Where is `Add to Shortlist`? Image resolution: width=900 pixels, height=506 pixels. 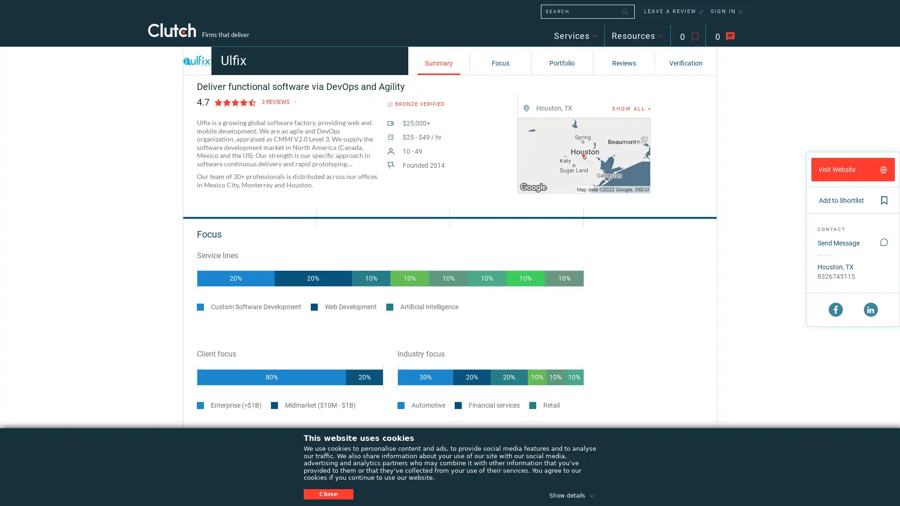 Add to Shortlist is located at coordinates (853, 200).